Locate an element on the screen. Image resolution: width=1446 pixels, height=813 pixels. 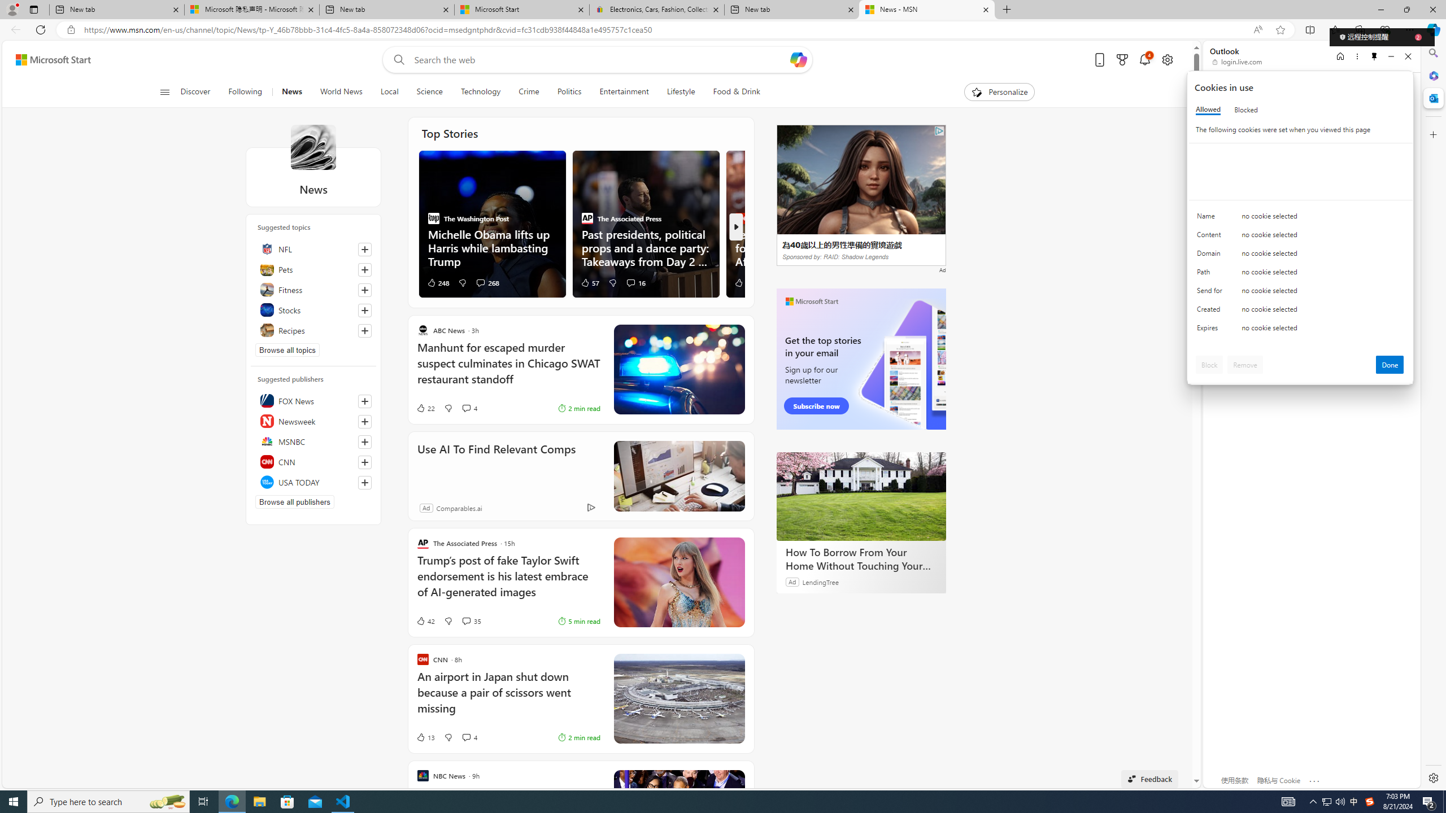
'Remove' is located at coordinates (1245, 365).